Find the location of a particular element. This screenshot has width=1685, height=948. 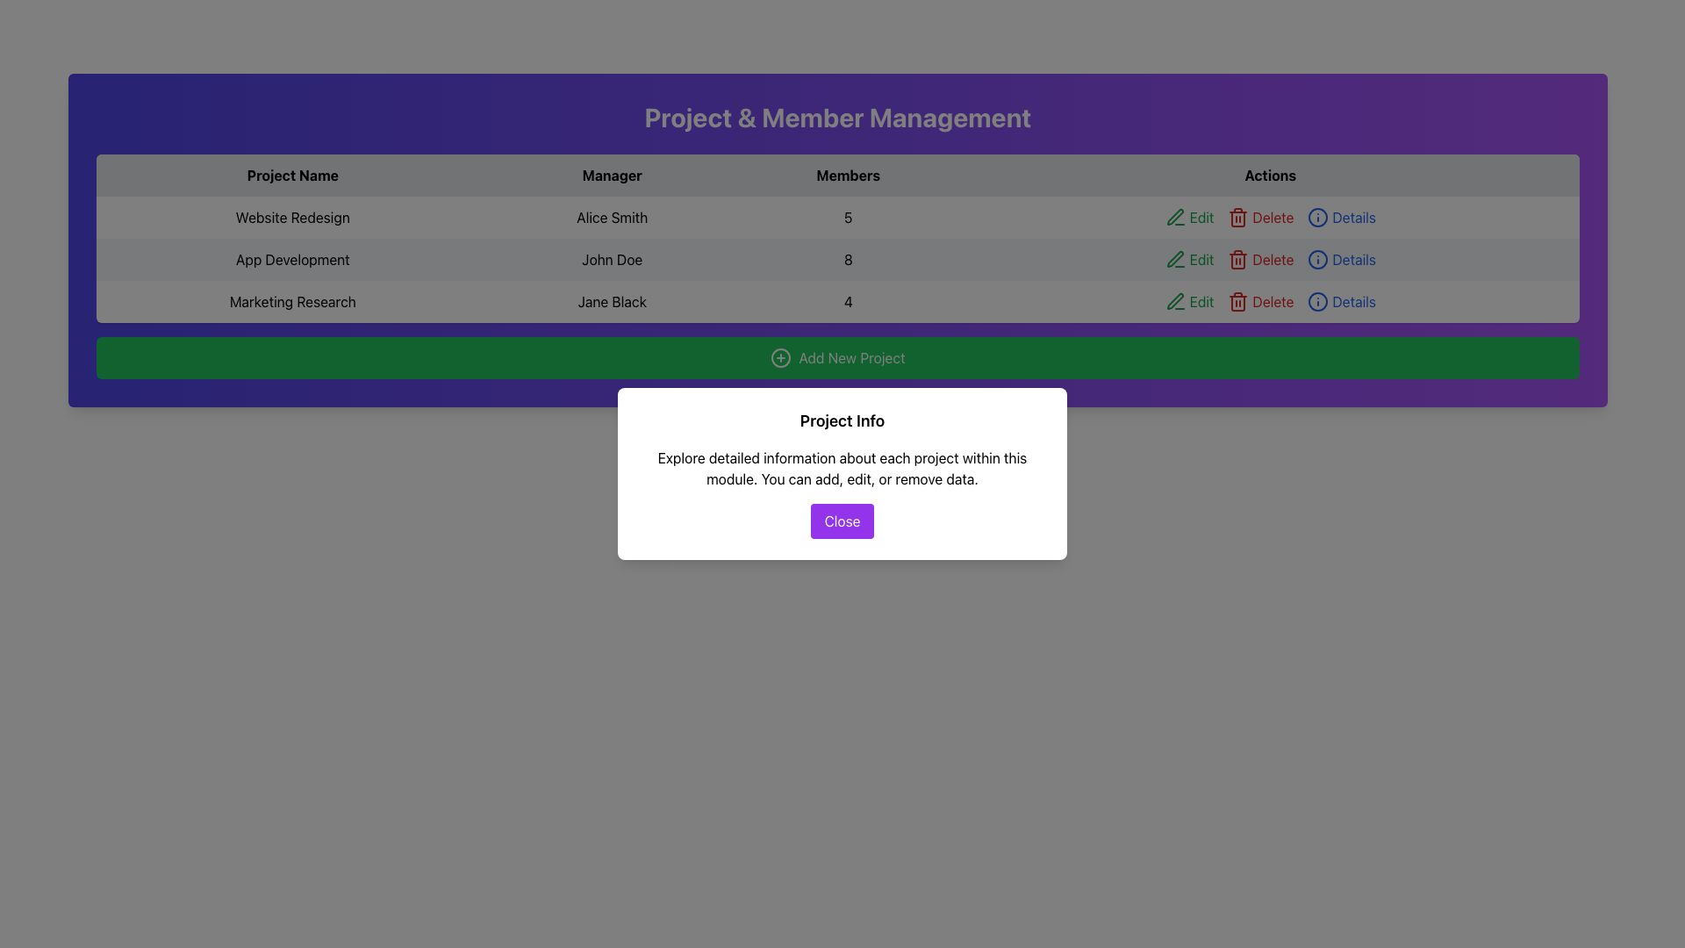

the edit icon located in the actions column of the first row in the table to initiate the editing of the corresponding row's data is located at coordinates (1175, 216).